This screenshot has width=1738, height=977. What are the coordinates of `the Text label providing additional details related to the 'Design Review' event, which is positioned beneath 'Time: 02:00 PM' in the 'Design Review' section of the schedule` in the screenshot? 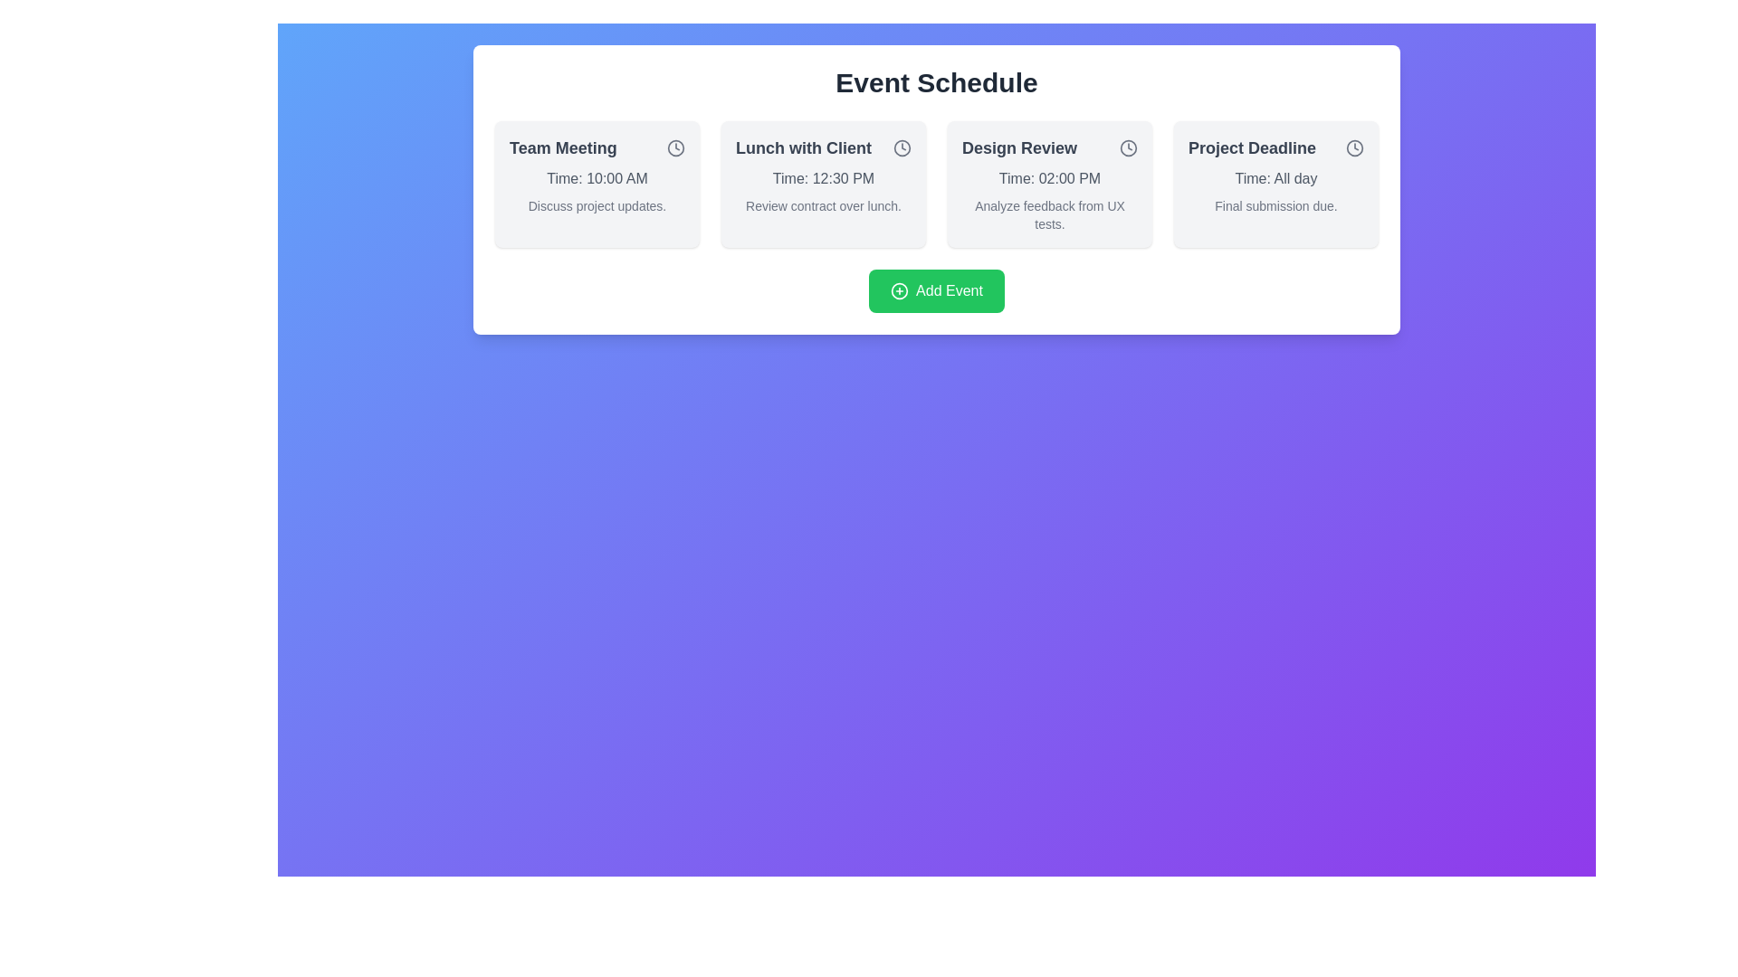 It's located at (1050, 214).